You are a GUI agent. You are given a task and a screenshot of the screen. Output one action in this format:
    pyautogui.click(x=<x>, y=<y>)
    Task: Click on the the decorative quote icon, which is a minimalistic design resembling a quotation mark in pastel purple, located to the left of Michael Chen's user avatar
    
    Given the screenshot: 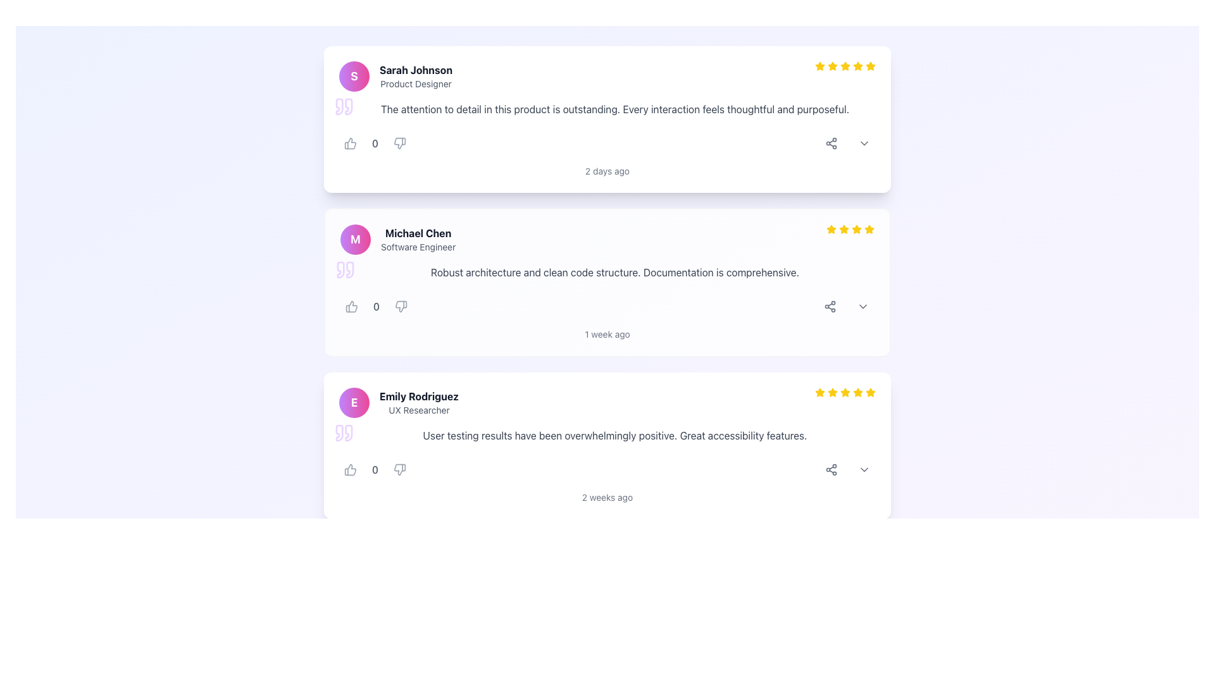 What is the action you would take?
    pyautogui.click(x=340, y=269)
    